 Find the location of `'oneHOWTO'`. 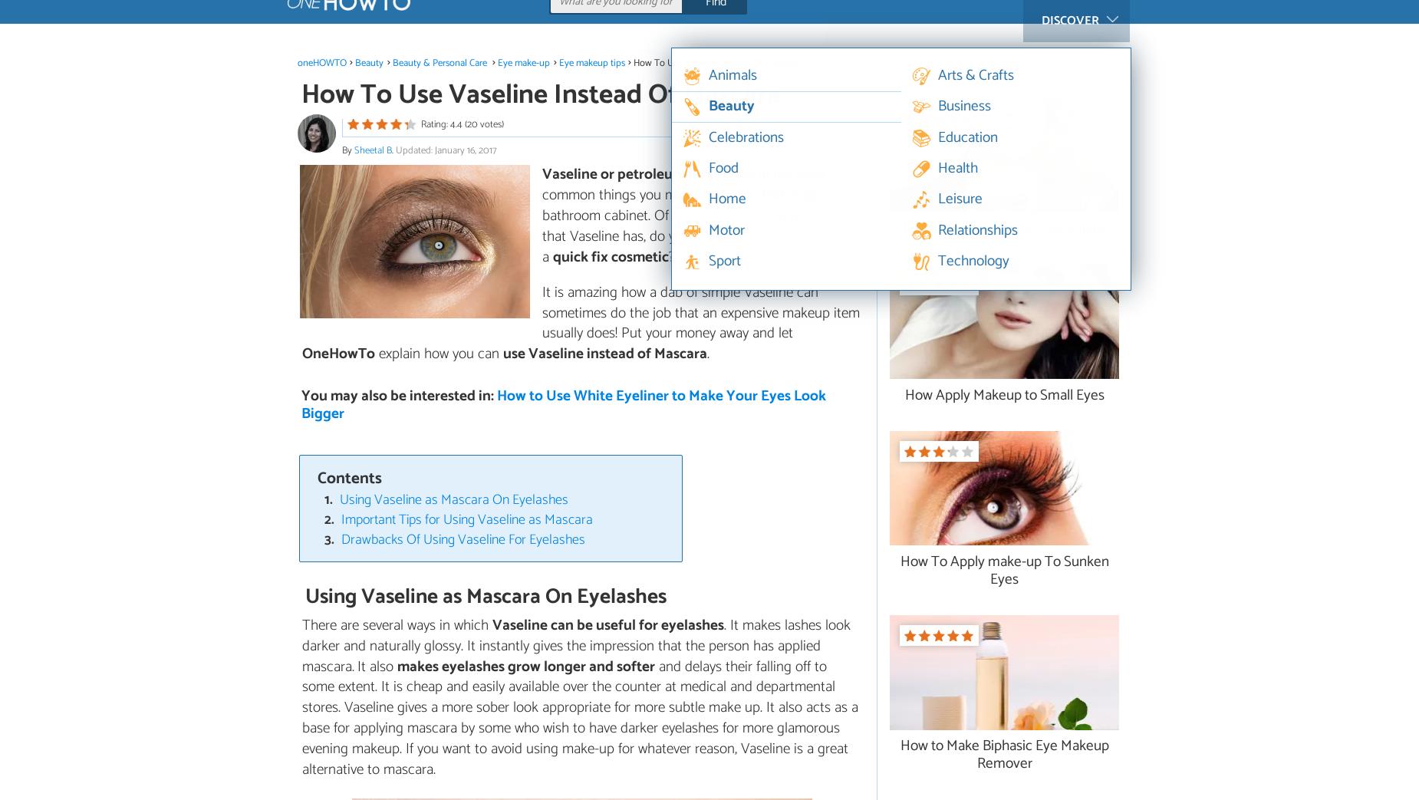

'oneHOWTO' is located at coordinates (321, 62).